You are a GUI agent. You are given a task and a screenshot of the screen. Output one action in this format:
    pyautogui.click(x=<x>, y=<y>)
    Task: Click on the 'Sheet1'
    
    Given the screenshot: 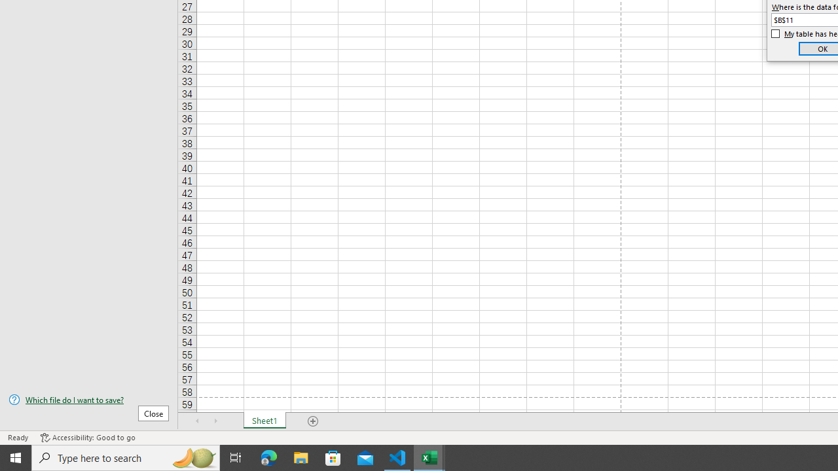 What is the action you would take?
    pyautogui.click(x=264, y=421)
    